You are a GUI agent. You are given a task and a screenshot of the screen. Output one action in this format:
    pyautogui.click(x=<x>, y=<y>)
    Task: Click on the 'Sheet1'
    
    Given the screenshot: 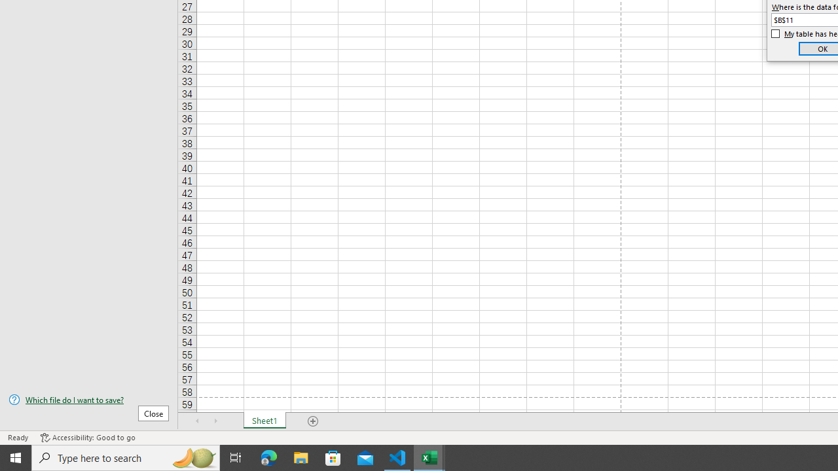 What is the action you would take?
    pyautogui.click(x=264, y=421)
    